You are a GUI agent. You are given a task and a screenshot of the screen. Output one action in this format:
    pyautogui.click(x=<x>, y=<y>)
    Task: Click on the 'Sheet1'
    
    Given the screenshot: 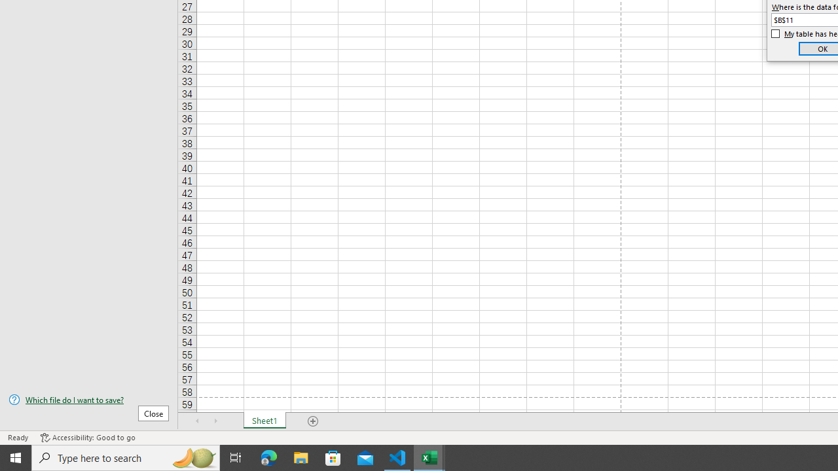 What is the action you would take?
    pyautogui.click(x=264, y=421)
    